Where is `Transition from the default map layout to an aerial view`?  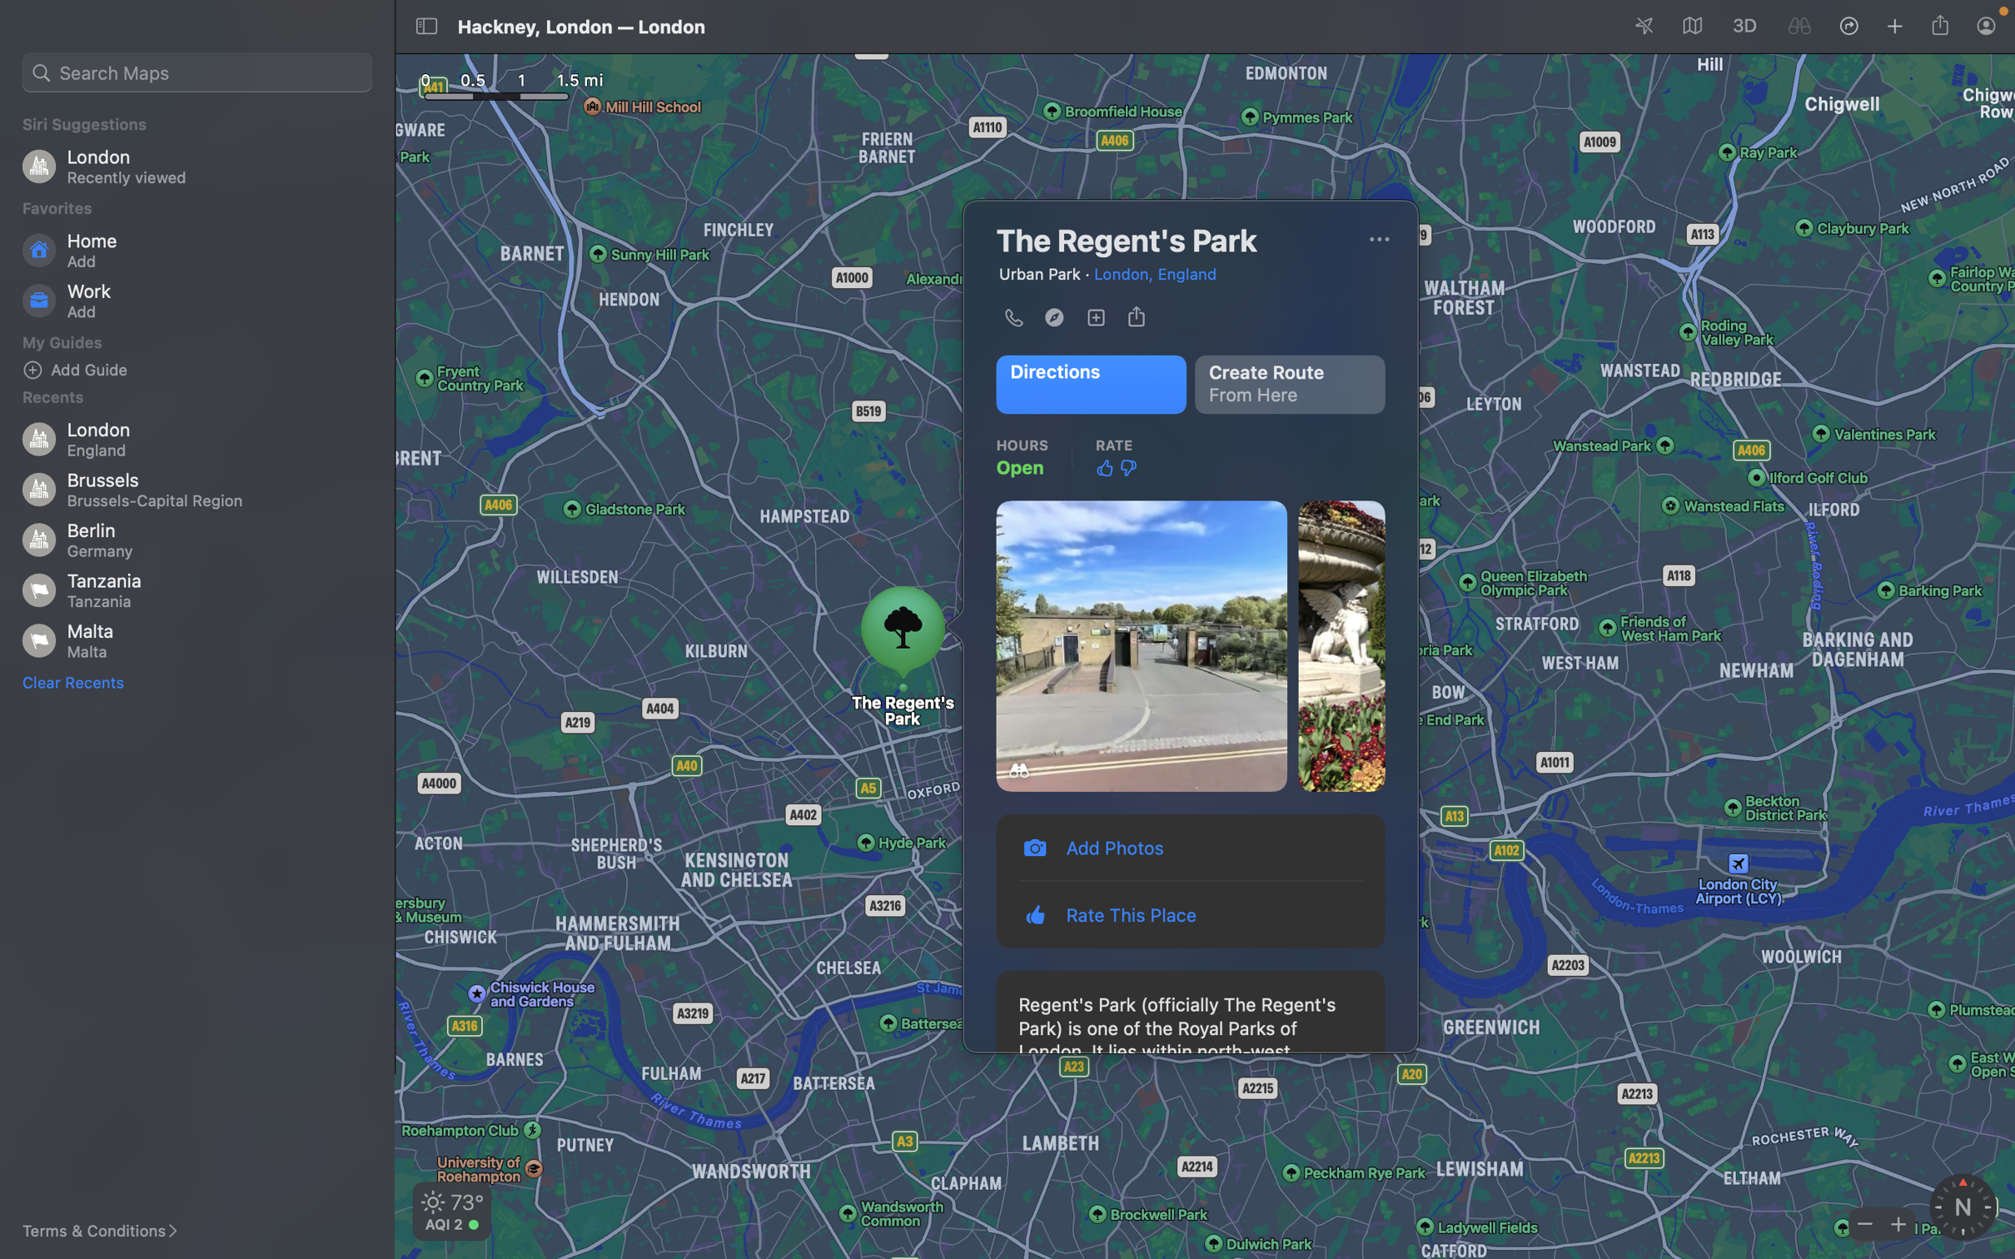 Transition from the default map layout to an aerial view is located at coordinates (1378, 239).